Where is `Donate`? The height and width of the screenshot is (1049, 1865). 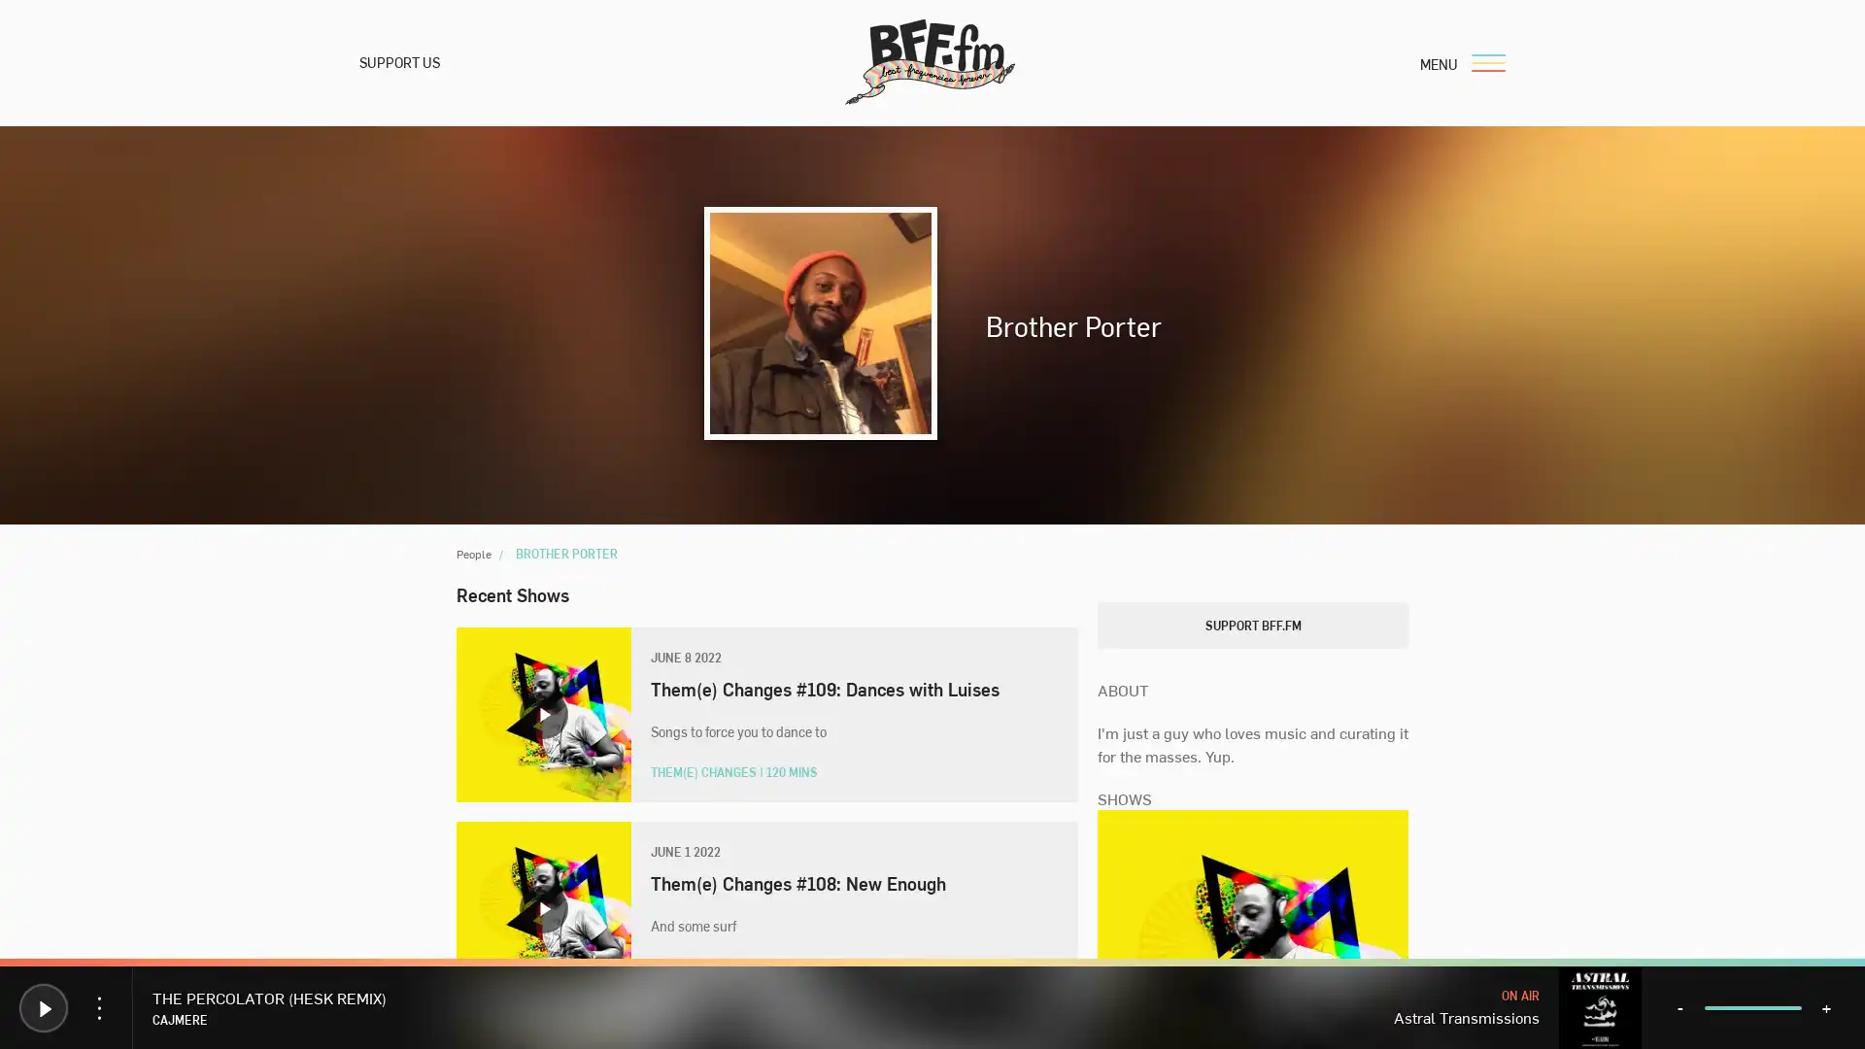
Donate is located at coordinates (63, 958).